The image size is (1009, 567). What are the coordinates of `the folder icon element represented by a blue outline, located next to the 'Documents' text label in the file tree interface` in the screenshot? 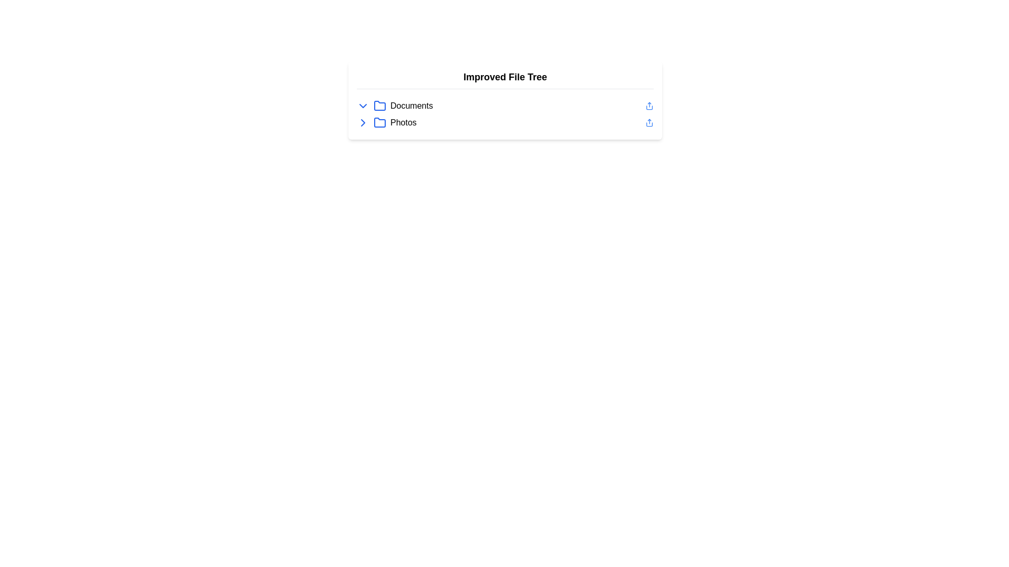 It's located at (379, 106).